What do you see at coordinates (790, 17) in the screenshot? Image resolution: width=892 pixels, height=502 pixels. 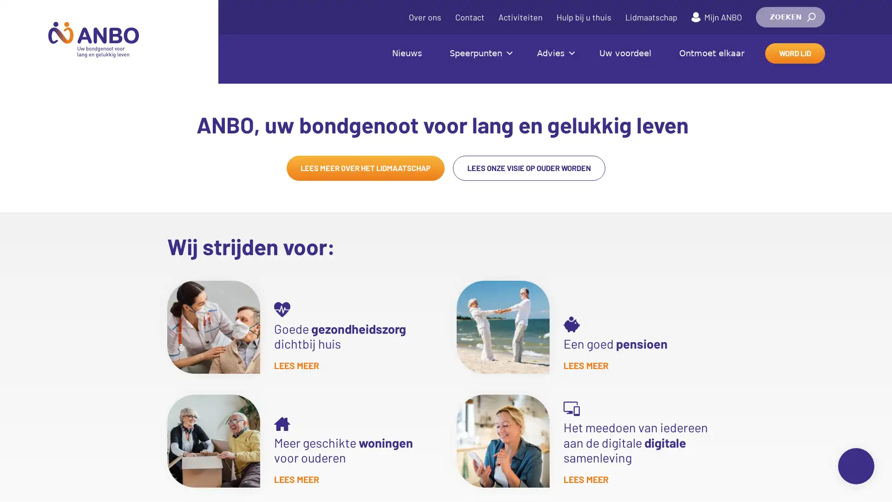 I see `ZOEKEN` at bounding box center [790, 17].